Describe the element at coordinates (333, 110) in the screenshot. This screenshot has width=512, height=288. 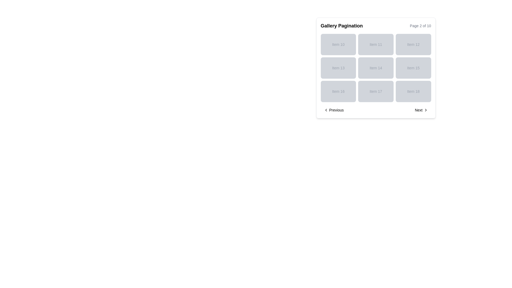
I see `the navigation button located in the bottom left corner of the main display box` at that location.